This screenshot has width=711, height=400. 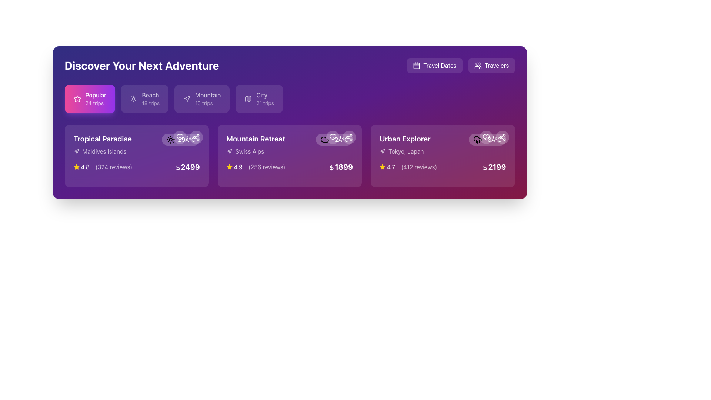 I want to click on the outlined triangular arrow icon located in the top right corner of the 'Tropical Paradise' trip card, so click(x=76, y=151).